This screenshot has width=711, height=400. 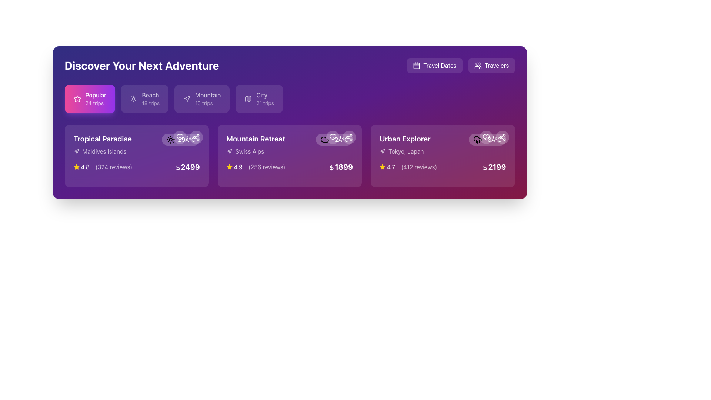 I want to click on the outlined triangular arrow icon located in the top right corner of the 'Tropical Paradise' trip card, so click(x=76, y=151).